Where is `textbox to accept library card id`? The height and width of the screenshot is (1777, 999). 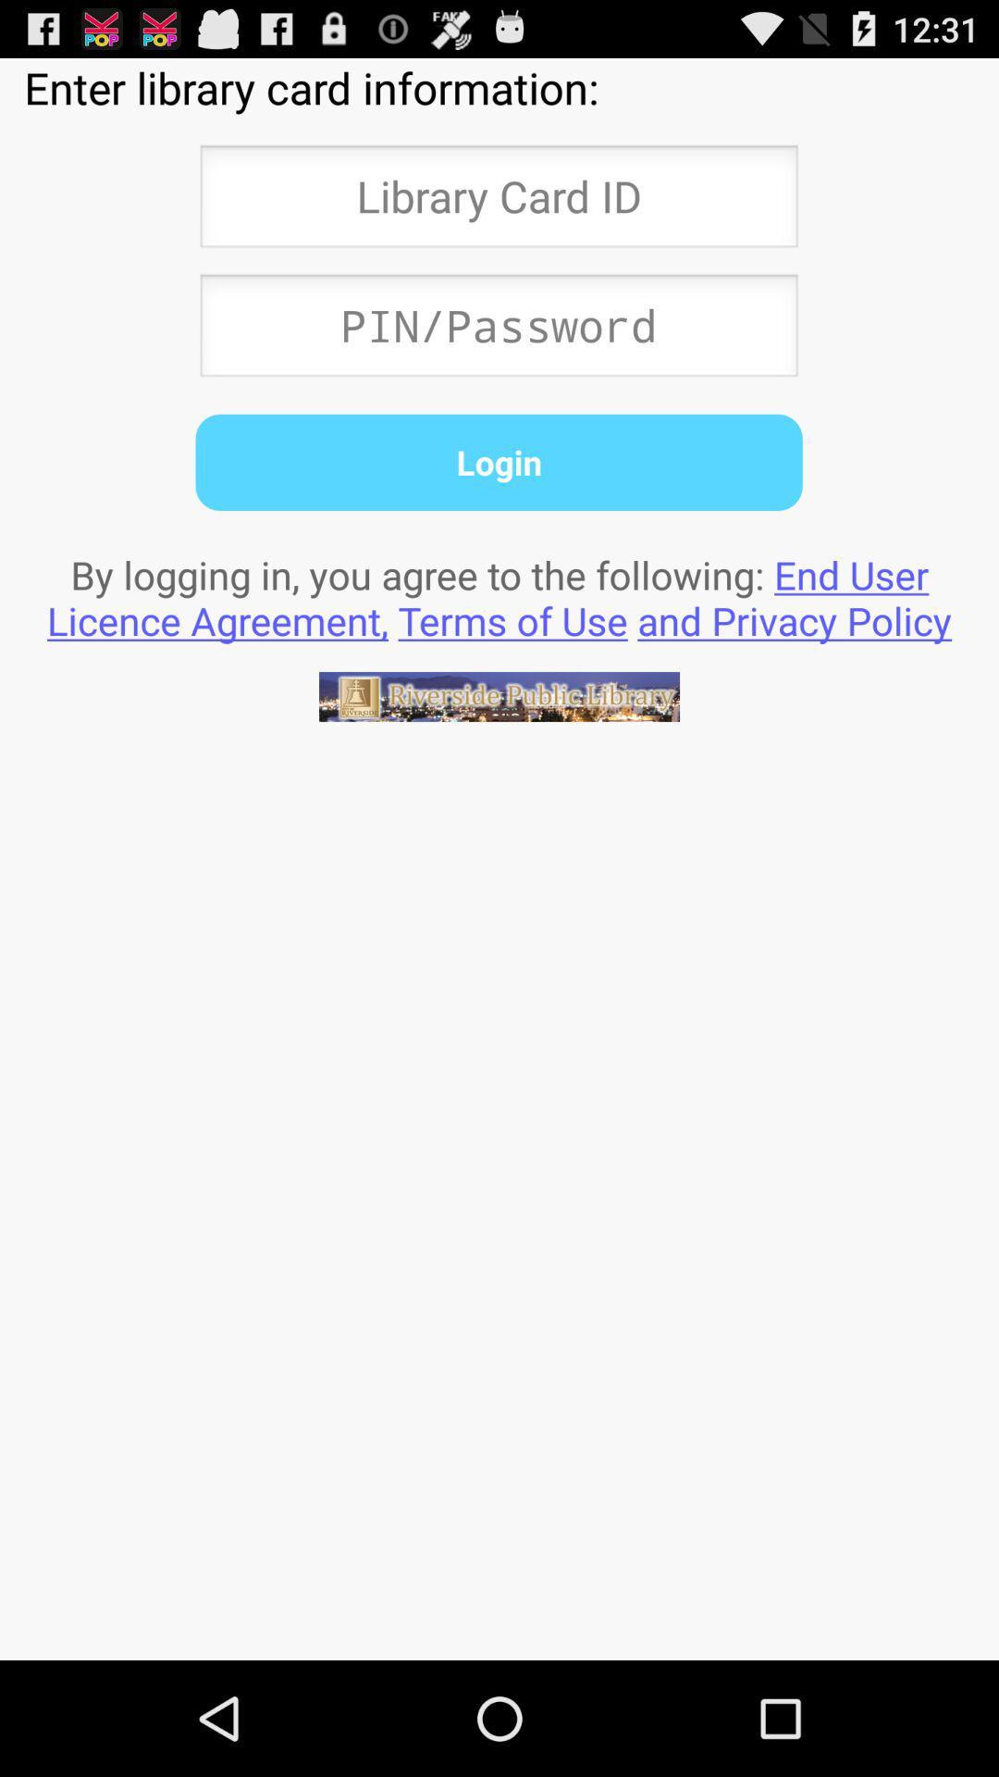
textbox to accept library card id is located at coordinates (498, 202).